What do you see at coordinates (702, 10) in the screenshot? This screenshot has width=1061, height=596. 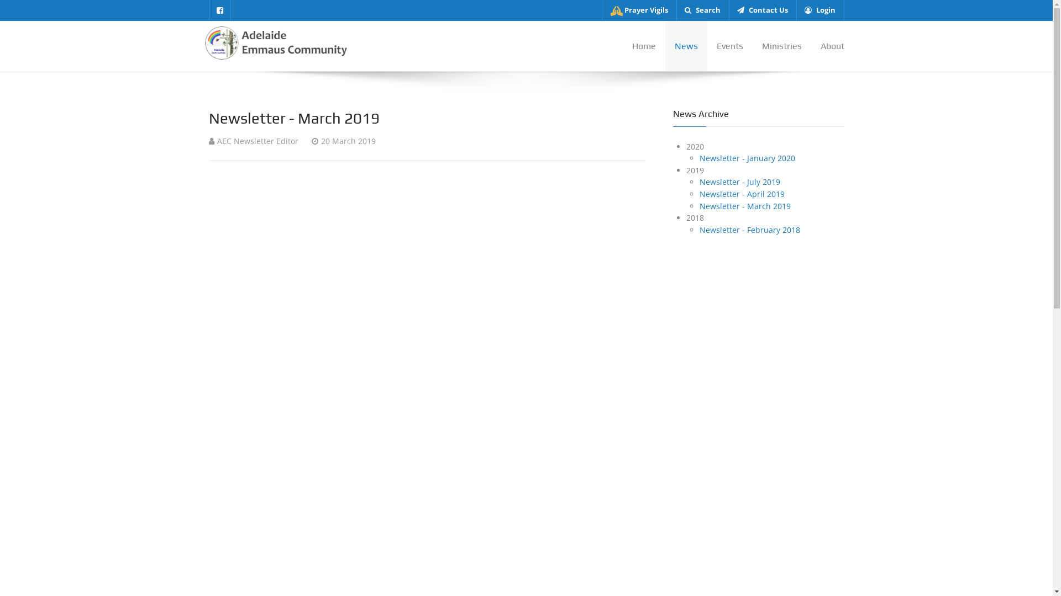 I see `'Search'` at bounding box center [702, 10].